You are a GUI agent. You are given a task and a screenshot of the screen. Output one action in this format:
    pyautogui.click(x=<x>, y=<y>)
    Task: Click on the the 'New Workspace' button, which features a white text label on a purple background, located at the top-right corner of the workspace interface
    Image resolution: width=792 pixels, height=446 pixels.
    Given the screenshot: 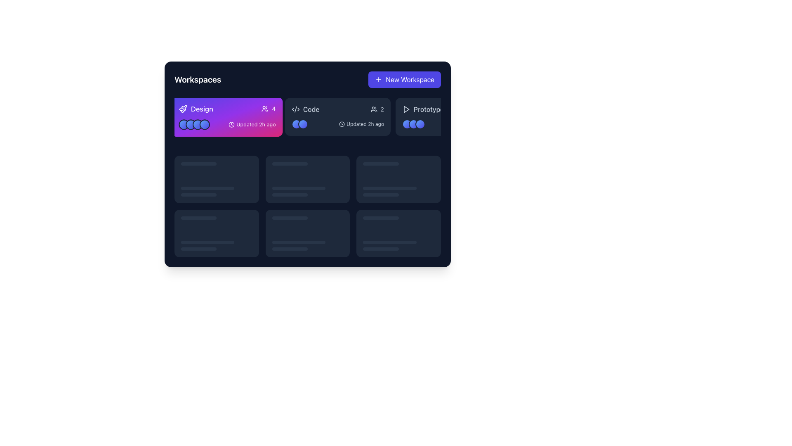 What is the action you would take?
    pyautogui.click(x=410, y=79)
    